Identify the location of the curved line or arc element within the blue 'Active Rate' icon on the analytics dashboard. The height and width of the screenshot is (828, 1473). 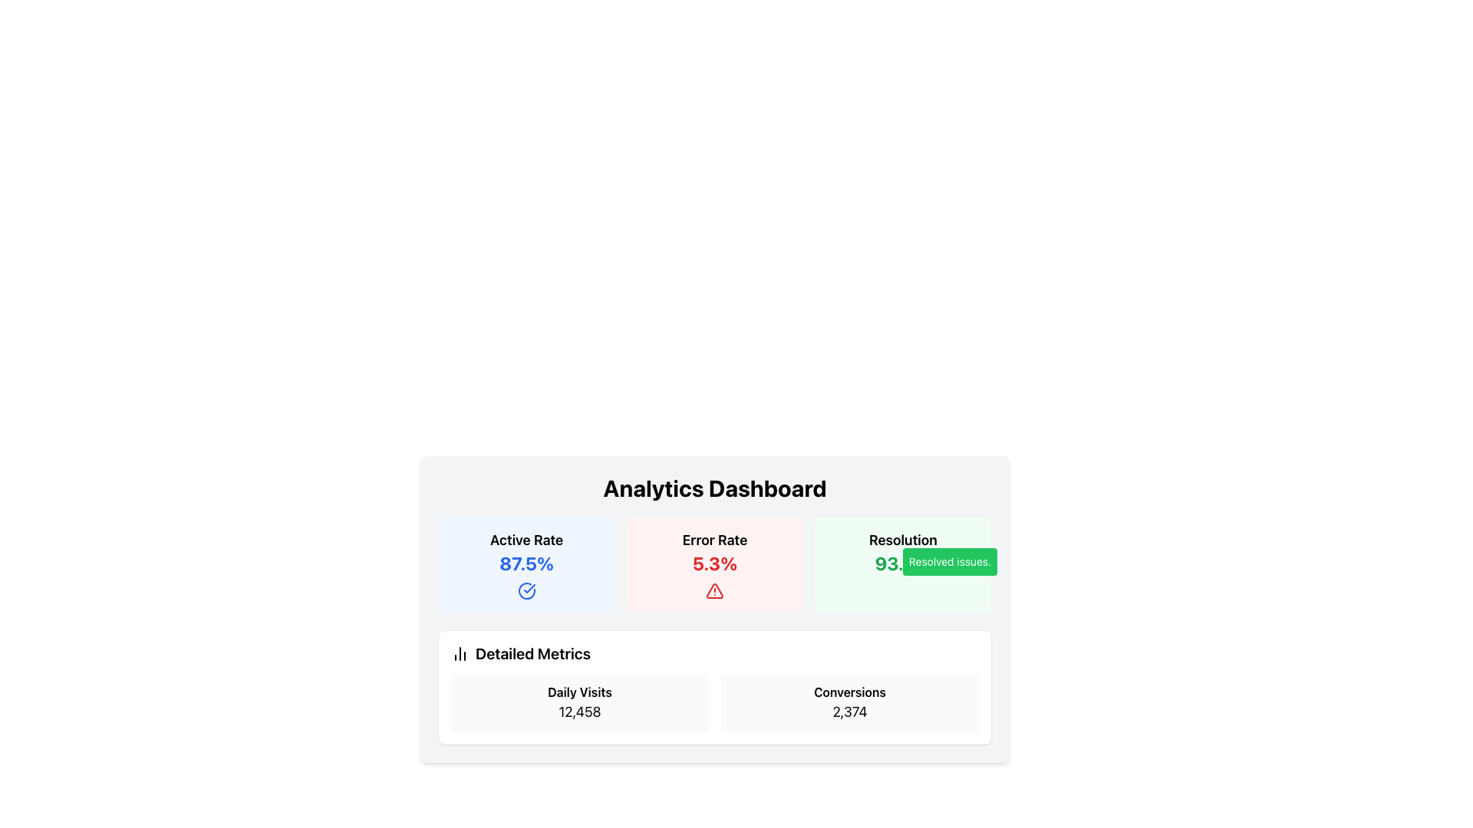
(526, 590).